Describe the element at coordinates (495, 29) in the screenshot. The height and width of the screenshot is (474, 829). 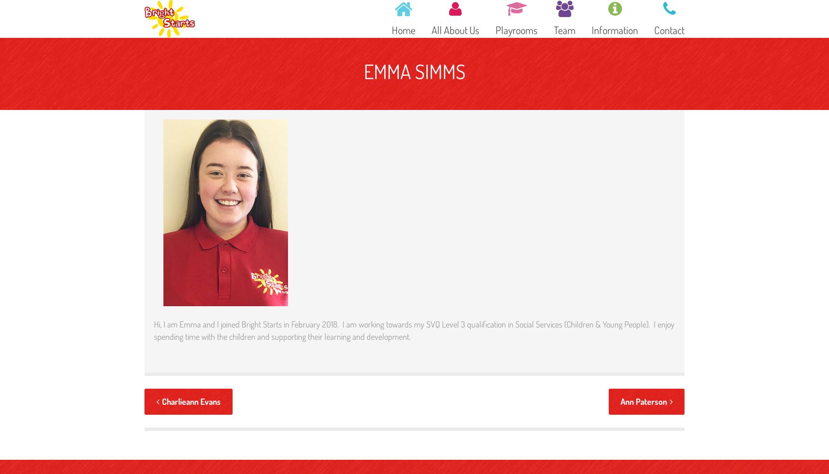
I see `'Playrooms'` at that location.